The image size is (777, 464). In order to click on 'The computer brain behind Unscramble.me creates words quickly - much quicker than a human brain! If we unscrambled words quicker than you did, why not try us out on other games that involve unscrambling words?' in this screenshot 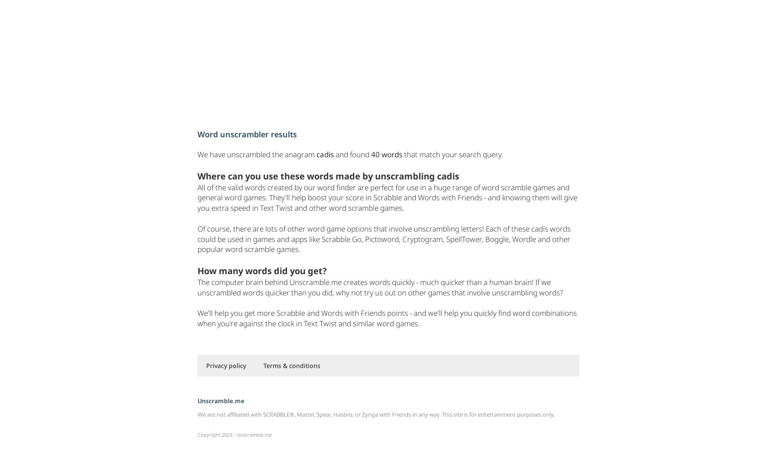, I will do `click(380, 286)`.